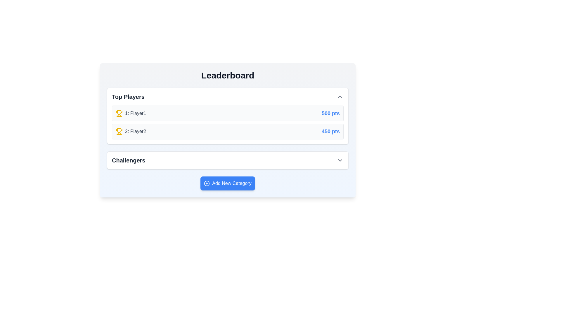 The width and height of the screenshot is (561, 315). What do you see at coordinates (128, 96) in the screenshot?
I see `text label indicating the section of the leaderboard that lists the top players, positioned to the left of the chevron icon` at bounding box center [128, 96].